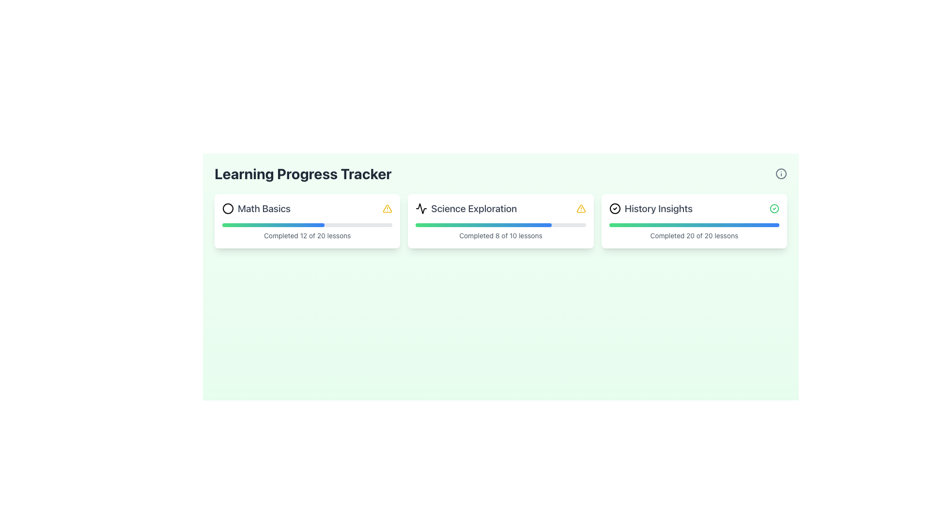 Image resolution: width=930 pixels, height=523 pixels. Describe the element at coordinates (307, 225) in the screenshot. I see `the horizontal progress bar with a smooth gradient color from green to blue, located below the title 'Math Basics' and above the text 'Completed 12 of 20 lessons'` at that location.